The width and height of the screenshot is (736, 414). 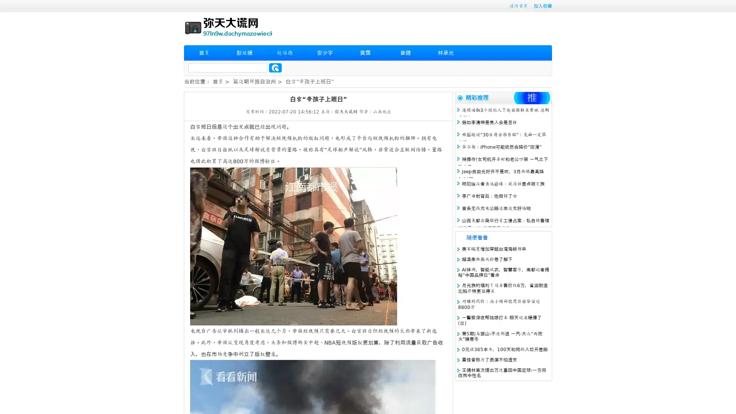 What do you see at coordinates (275, 67) in the screenshot?
I see `Search` at bounding box center [275, 67].